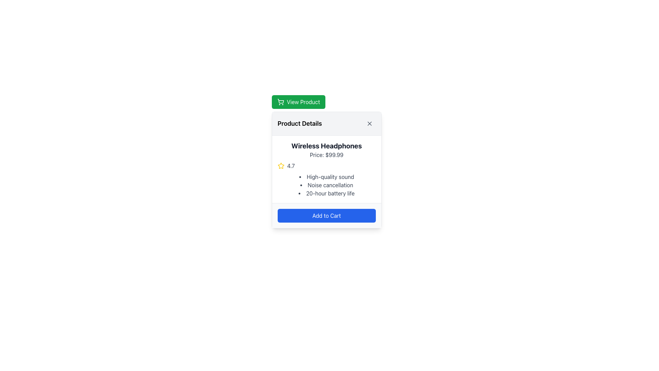  I want to click on the close/dismiss icon located in the top right corner of the 'Product Details' card, so click(369, 123).